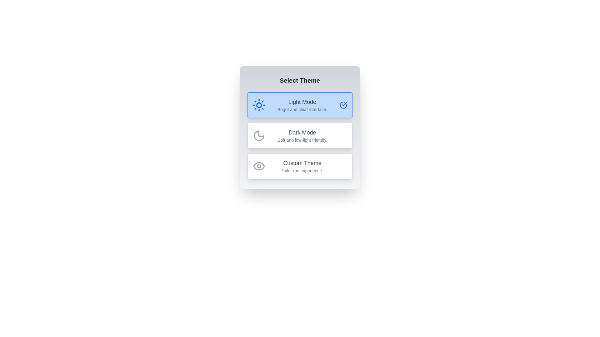 This screenshot has height=337, width=600. Describe the element at coordinates (259, 166) in the screenshot. I see `the small circular eye icon with an outlined design located to the left of the 'Custom Theme' label in the third option of the theme selection list, if interactive options are available` at that location.